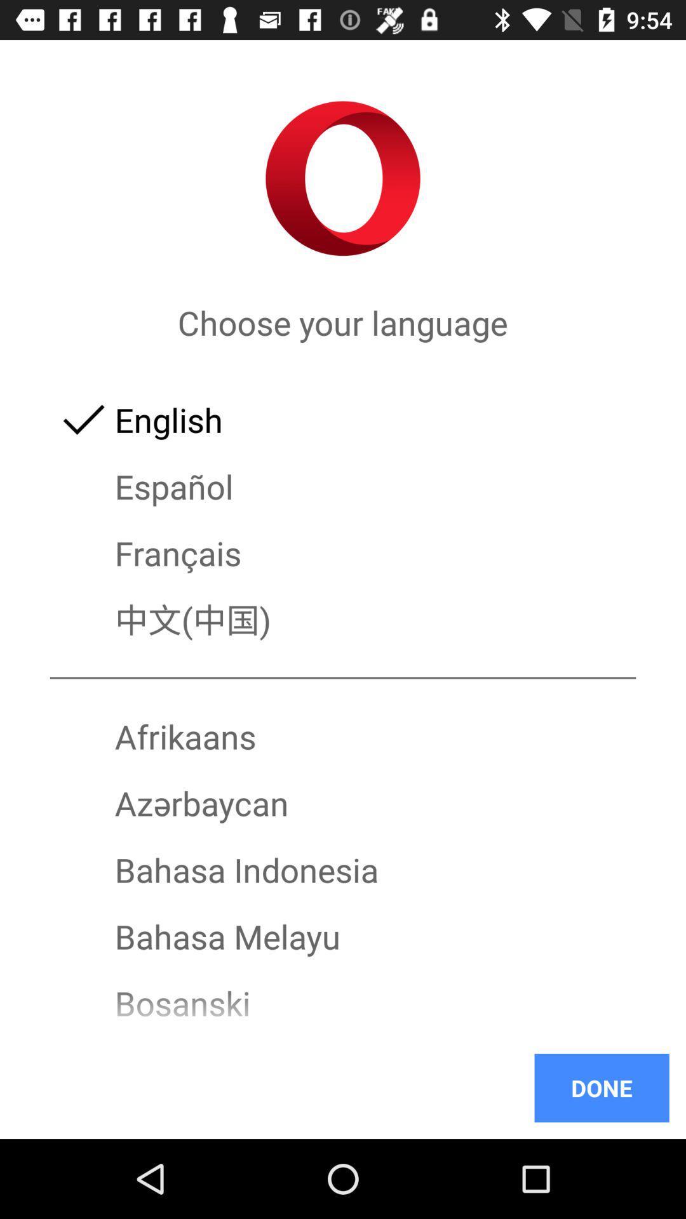 This screenshot has width=686, height=1219. What do you see at coordinates (601, 1087) in the screenshot?
I see `the done item` at bounding box center [601, 1087].